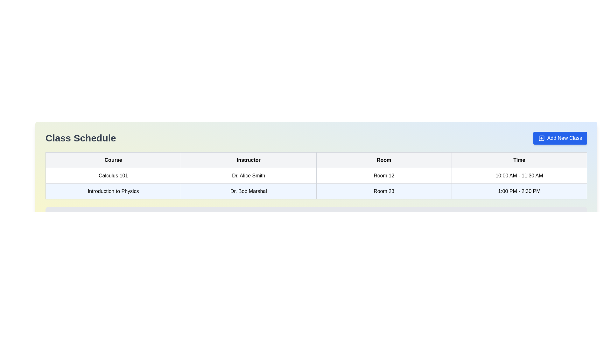 This screenshot has width=611, height=344. Describe the element at coordinates (519, 191) in the screenshot. I see `the static text element in the fourth column of the second row within the 'Class Schedule' table that conveys the time slot for a scheduled class or activity` at that location.